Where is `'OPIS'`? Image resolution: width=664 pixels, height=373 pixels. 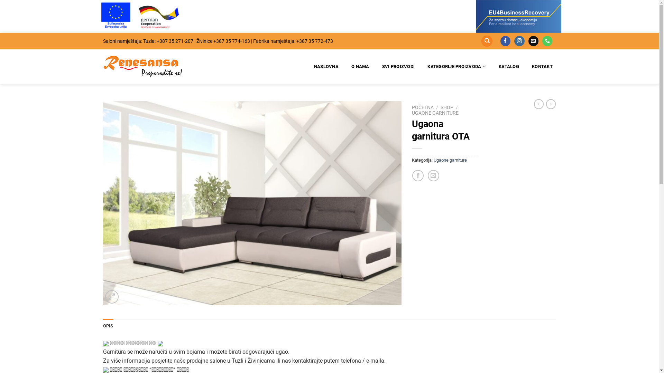 'OPIS' is located at coordinates (108, 326).